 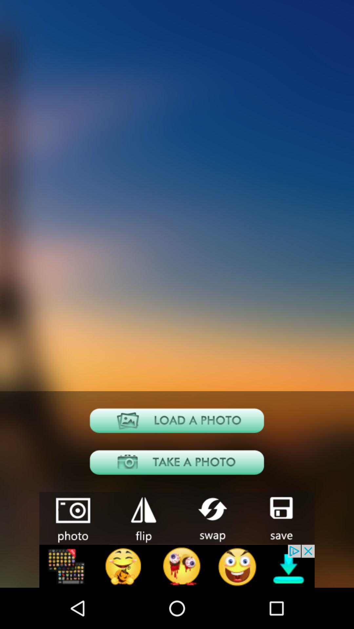 What do you see at coordinates (74, 554) in the screenshot?
I see `the photo icon` at bounding box center [74, 554].